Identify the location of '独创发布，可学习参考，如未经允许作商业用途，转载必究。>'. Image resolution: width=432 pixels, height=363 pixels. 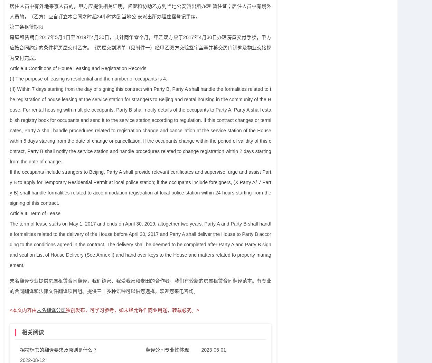
(132, 310).